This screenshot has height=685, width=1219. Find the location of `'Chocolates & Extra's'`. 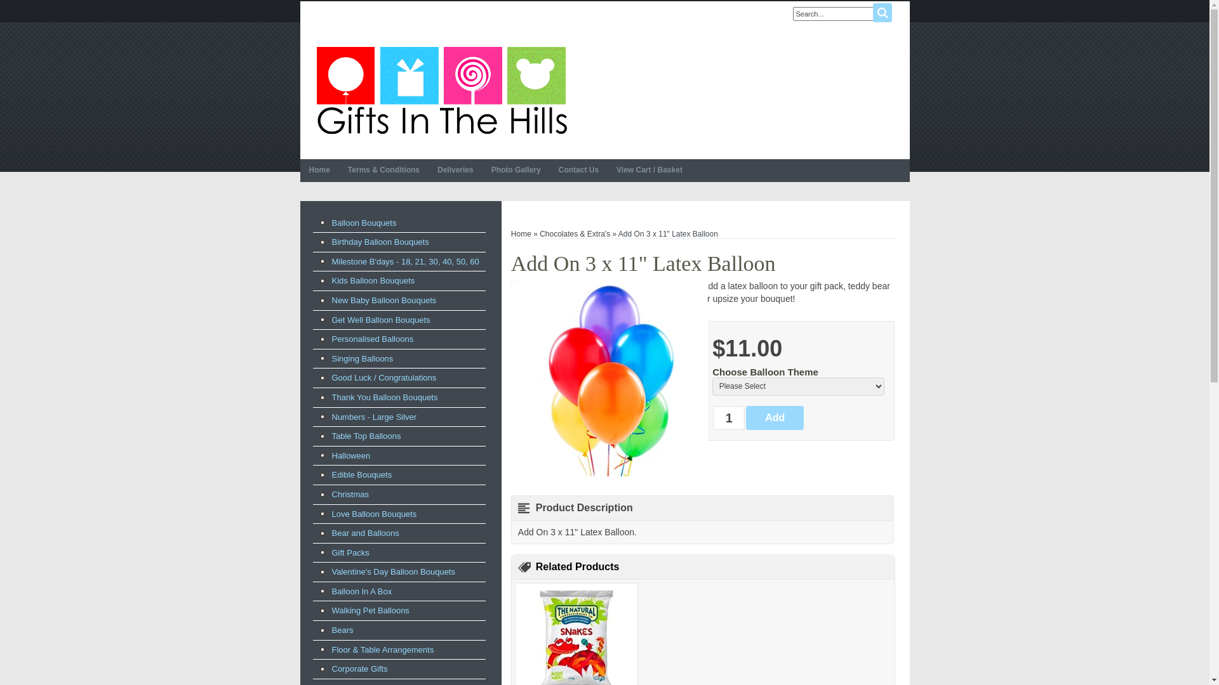

'Chocolates & Extra's' is located at coordinates (574, 234).